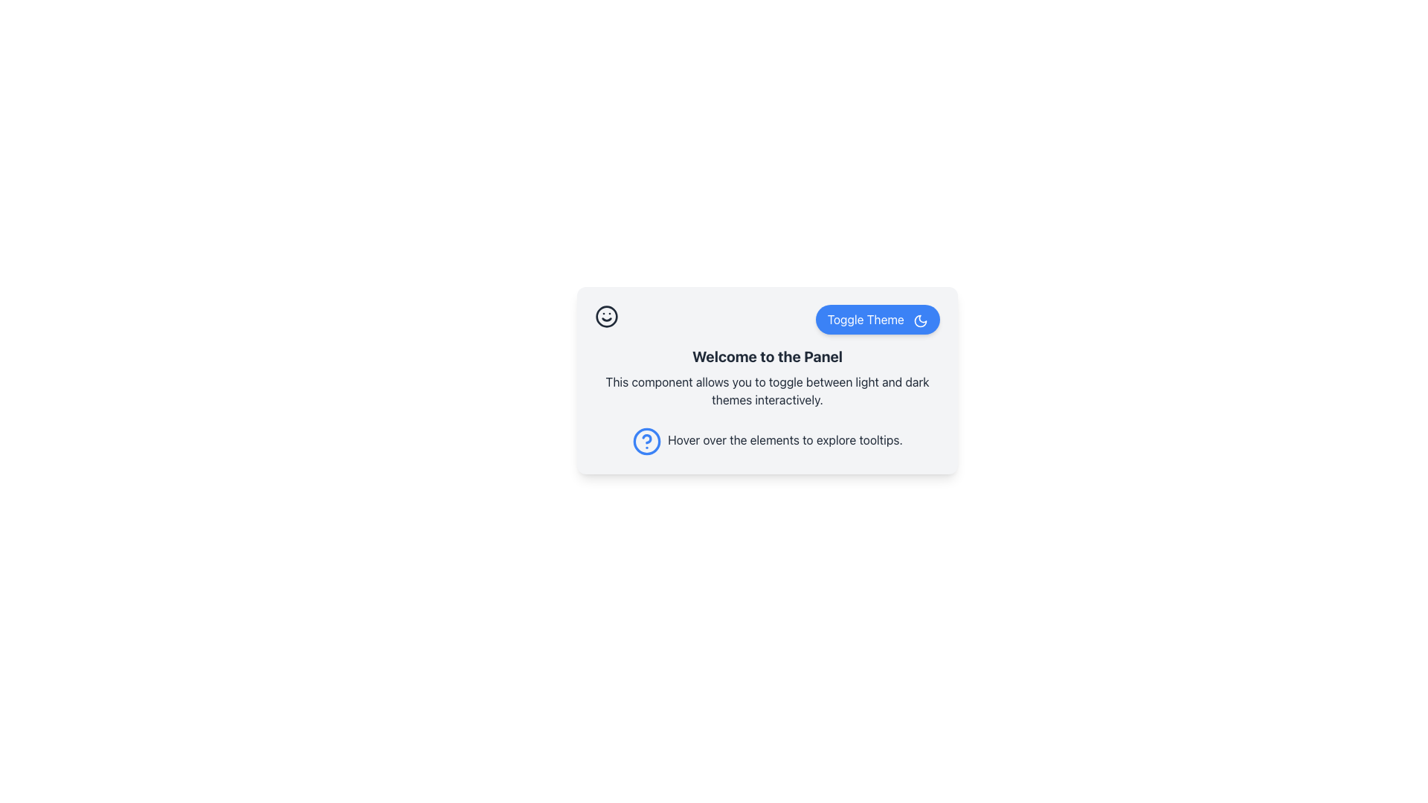 The image size is (1428, 803). What do you see at coordinates (647, 441) in the screenshot?
I see `the blue circular outline within the help icon, which features a filled circle at its center, located on the left side of the tooltip description in the information panel` at bounding box center [647, 441].